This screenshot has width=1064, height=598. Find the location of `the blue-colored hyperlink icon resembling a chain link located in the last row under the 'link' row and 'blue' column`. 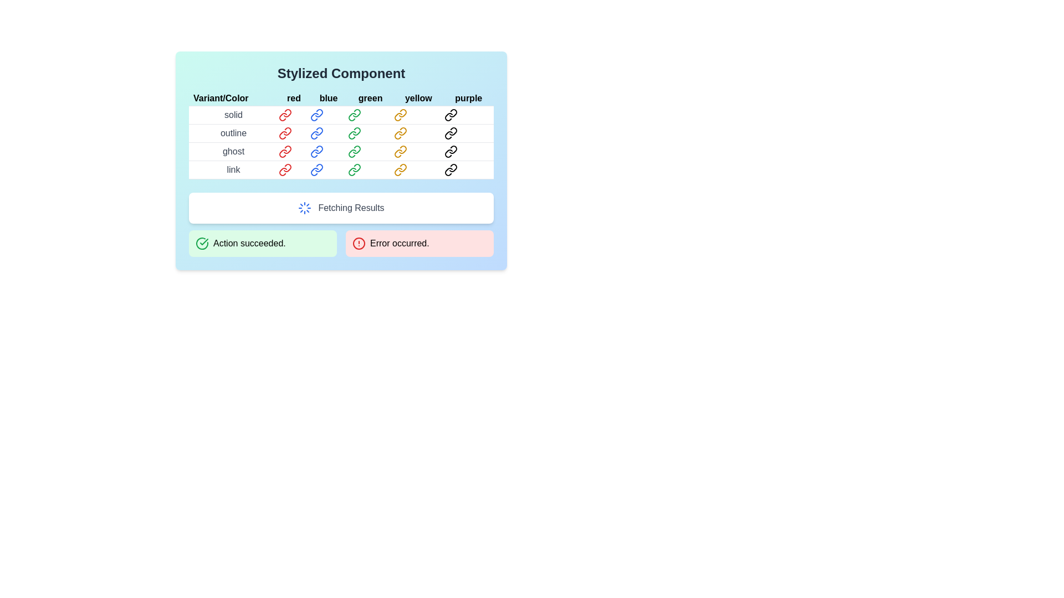

the blue-colored hyperlink icon resembling a chain link located in the last row under the 'link' row and 'blue' column is located at coordinates (316, 170).